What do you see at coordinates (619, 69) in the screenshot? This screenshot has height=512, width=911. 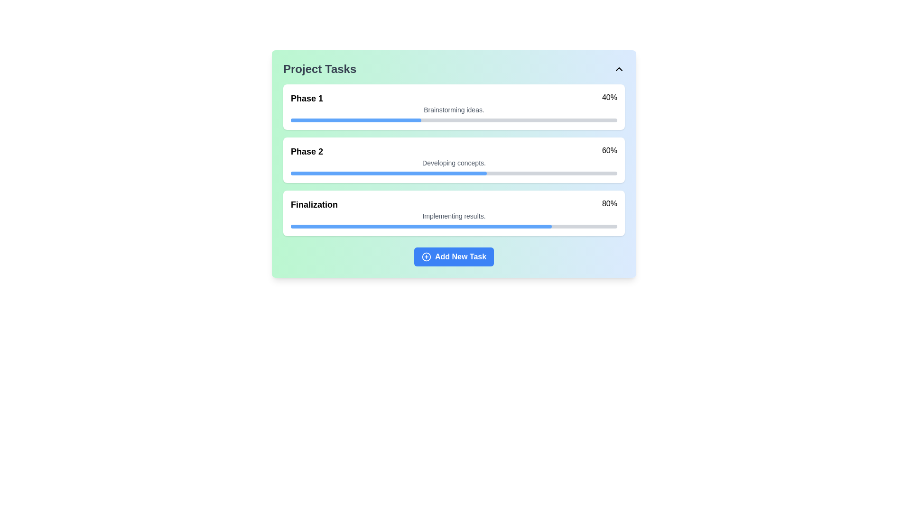 I see `the collapse button with an icon located at the upper-right corner of the 'Project Tasks' section to minimize it` at bounding box center [619, 69].